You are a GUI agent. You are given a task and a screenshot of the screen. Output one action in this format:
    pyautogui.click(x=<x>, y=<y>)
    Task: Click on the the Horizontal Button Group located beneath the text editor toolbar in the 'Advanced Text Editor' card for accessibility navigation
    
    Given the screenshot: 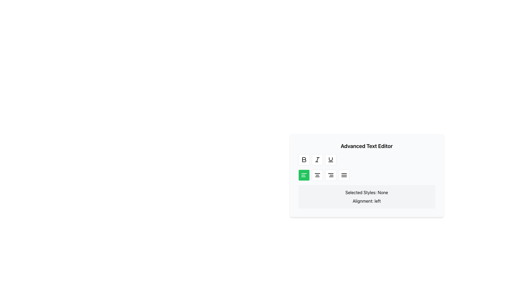 What is the action you would take?
    pyautogui.click(x=366, y=175)
    